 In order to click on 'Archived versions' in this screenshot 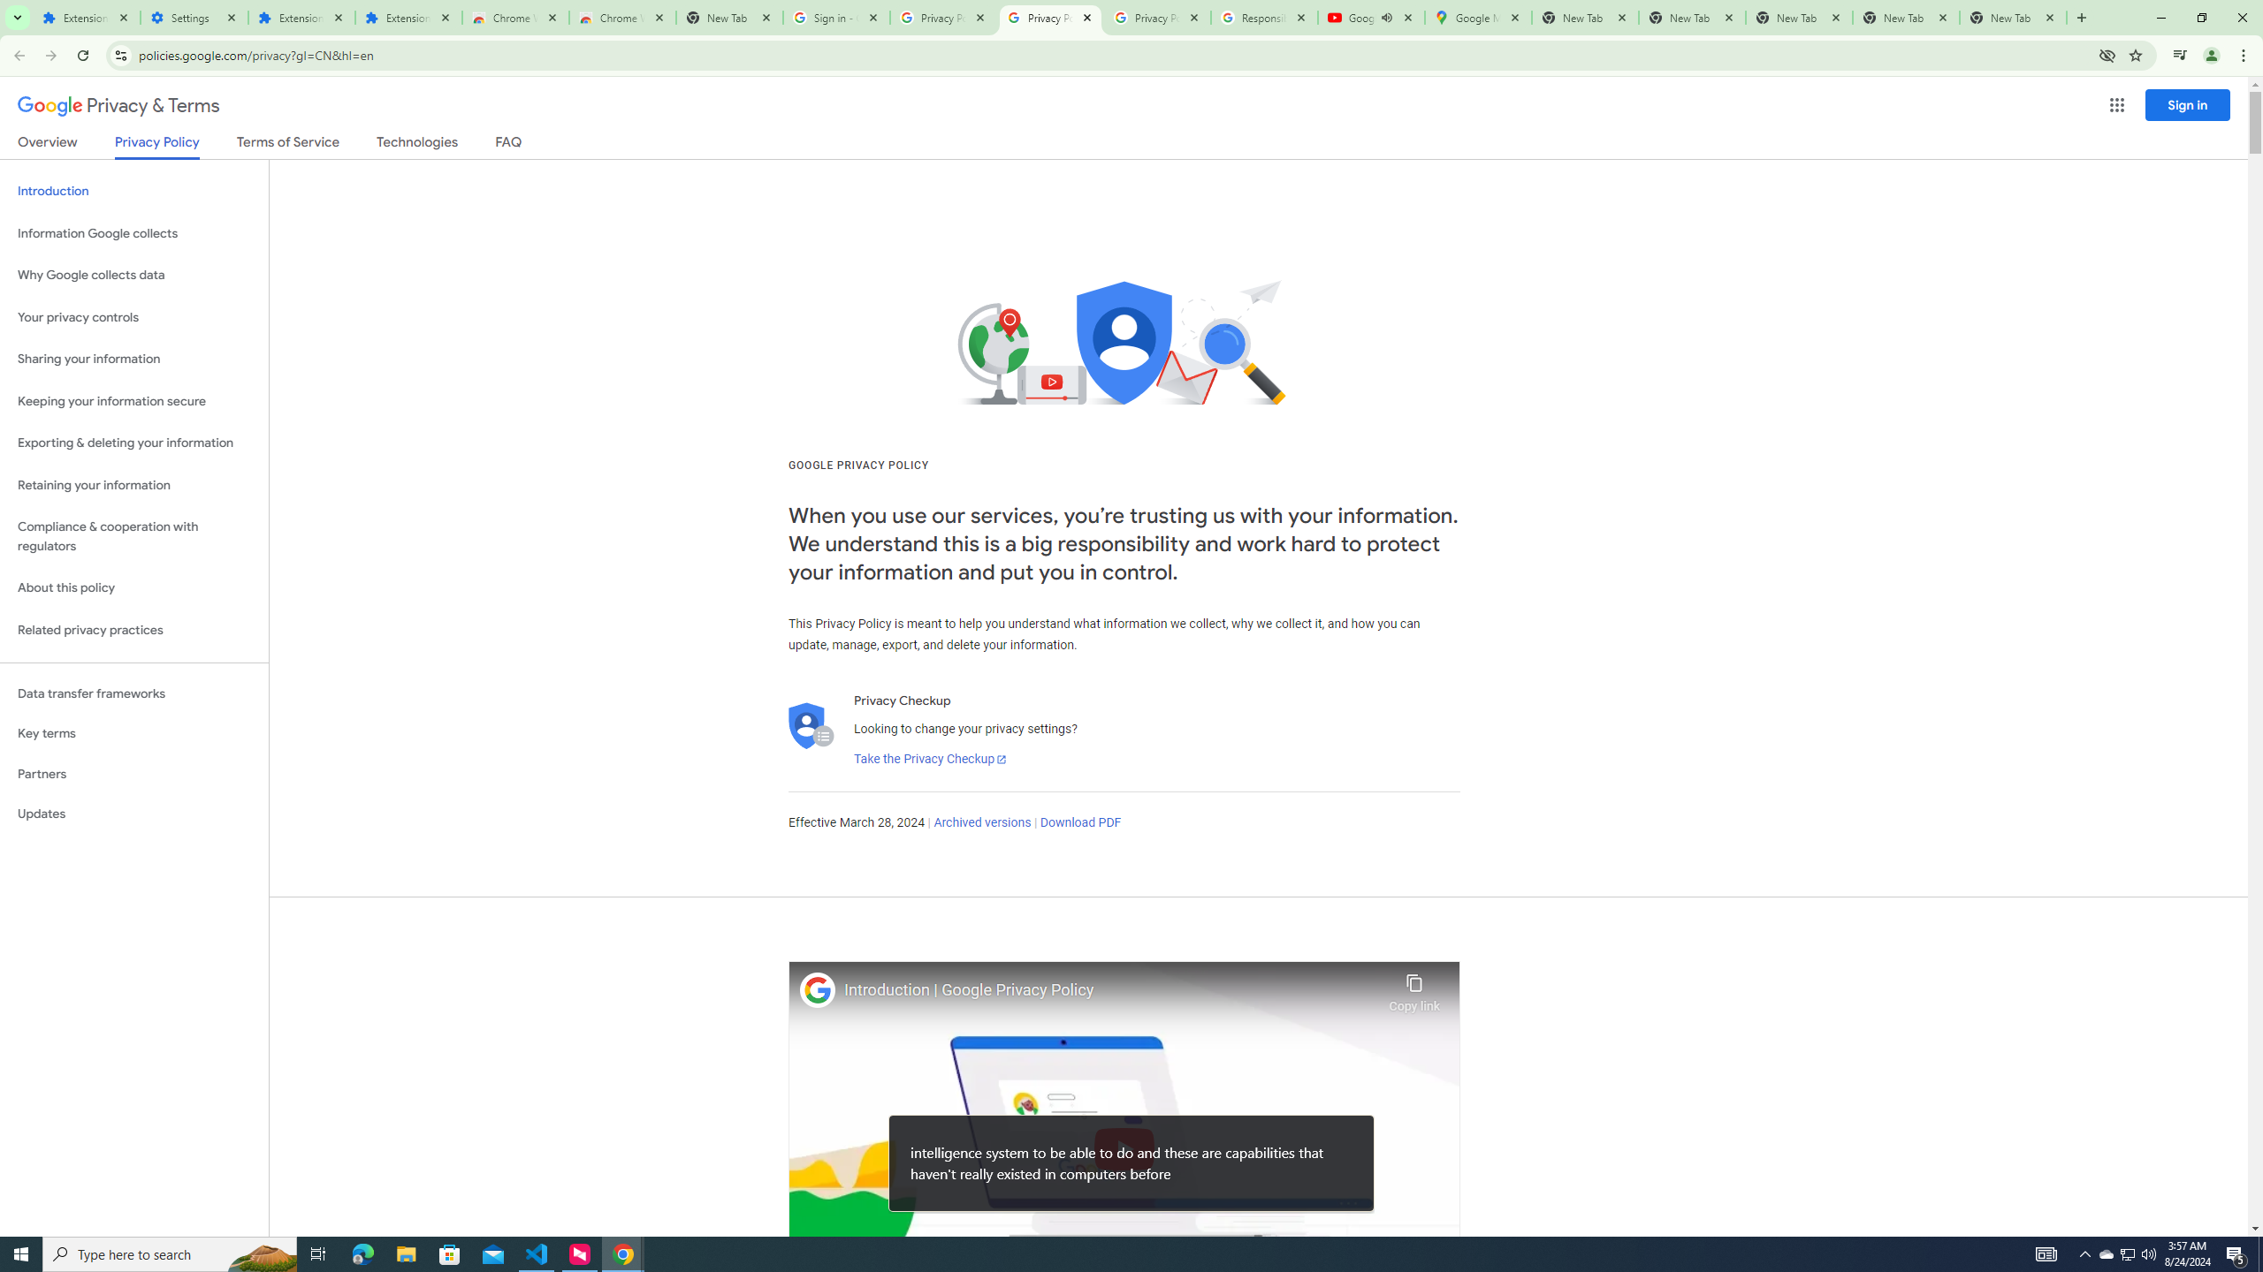, I will do `click(981, 821)`.